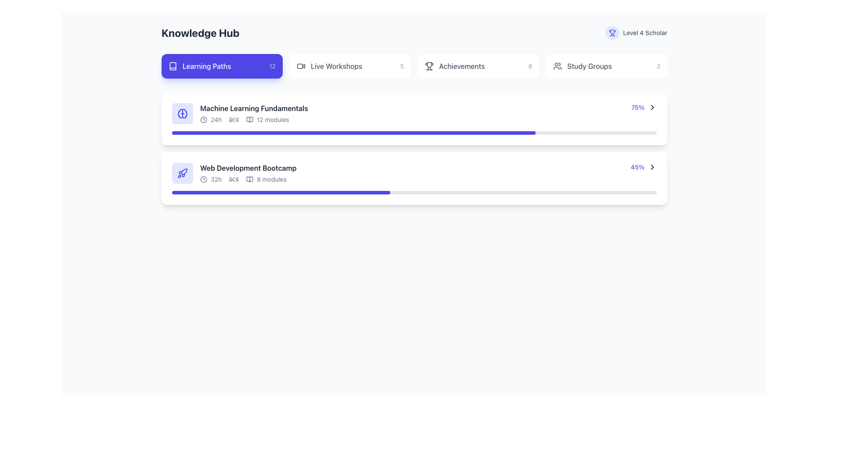  What do you see at coordinates (606, 65) in the screenshot?
I see `the navigation button located in the fourth column of the grid at the top of the interface` at bounding box center [606, 65].